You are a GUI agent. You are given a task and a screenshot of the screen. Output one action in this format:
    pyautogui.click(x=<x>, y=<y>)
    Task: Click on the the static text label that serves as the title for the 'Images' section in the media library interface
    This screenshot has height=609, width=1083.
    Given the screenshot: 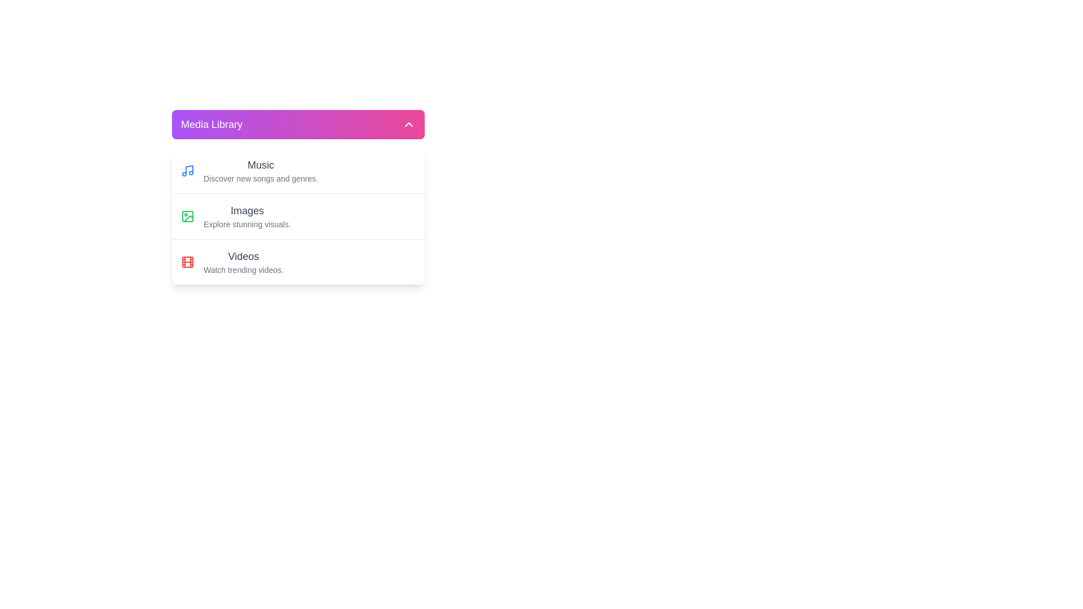 What is the action you would take?
    pyautogui.click(x=246, y=211)
    